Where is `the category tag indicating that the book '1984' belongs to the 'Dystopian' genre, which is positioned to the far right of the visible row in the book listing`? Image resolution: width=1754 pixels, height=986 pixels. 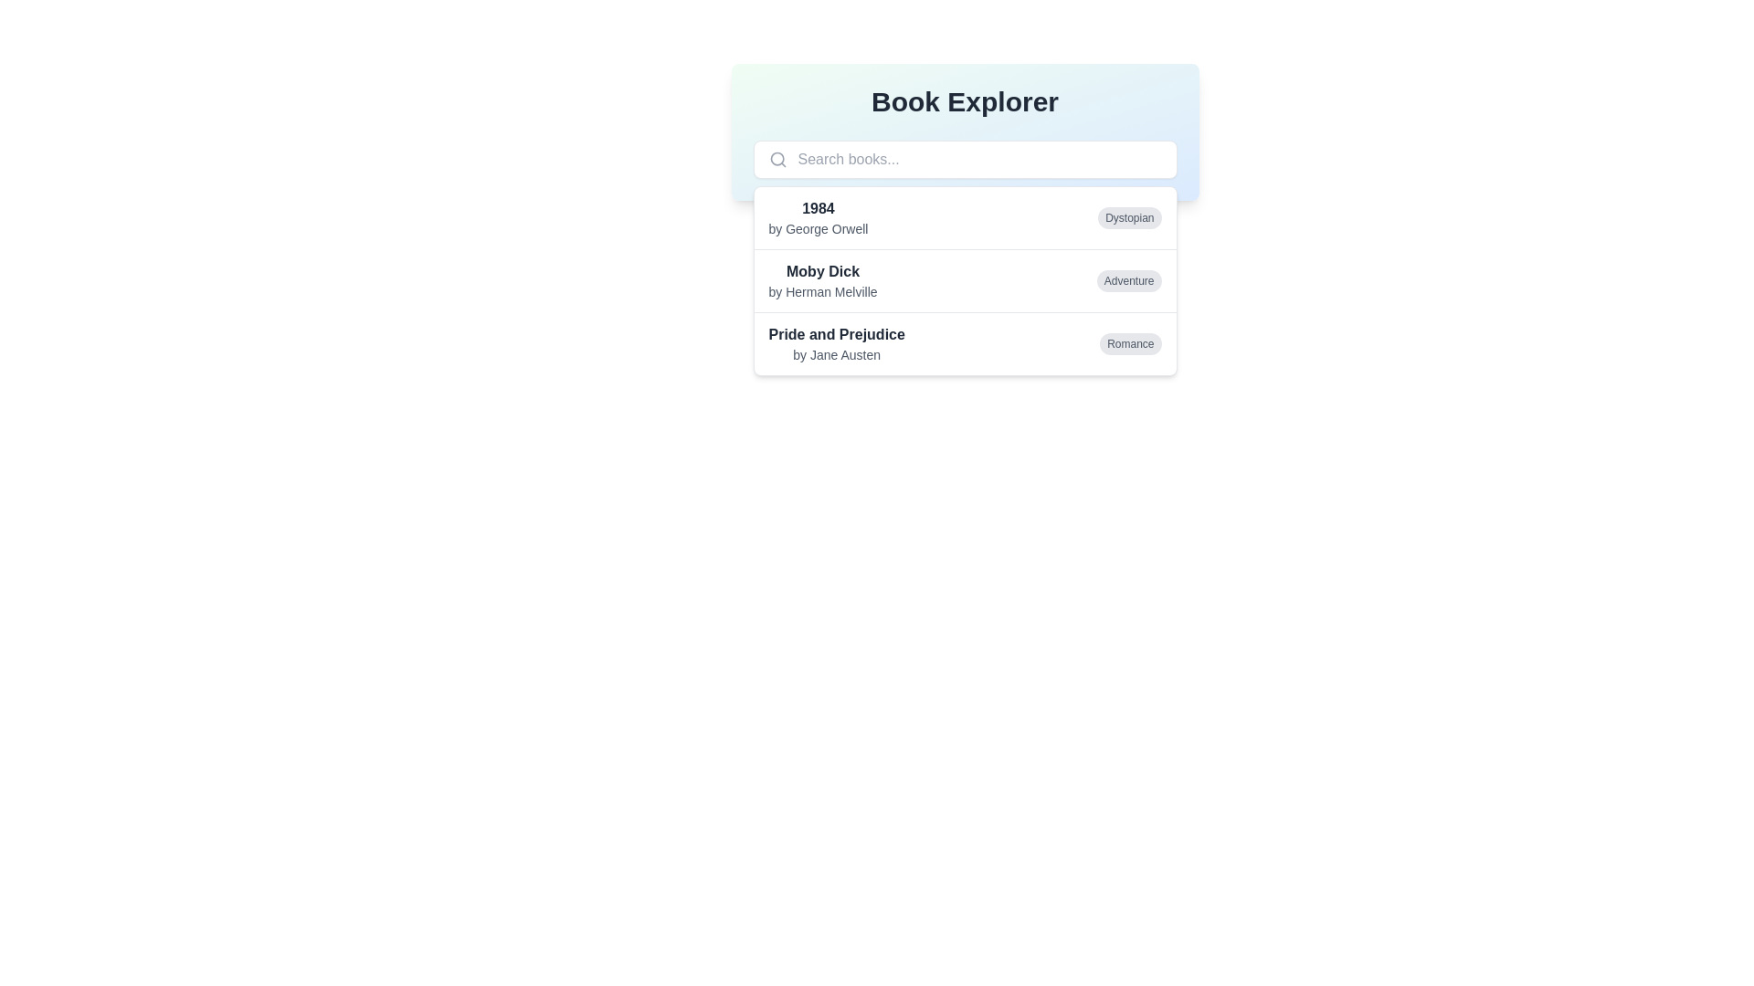
the category tag indicating that the book '1984' belongs to the 'Dystopian' genre, which is positioned to the far right of the visible row in the book listing is located at coordinates (1128, 217).